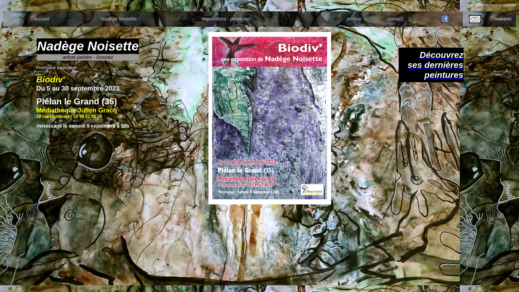  What do you see at coordinates (201, 18) in the screenshot?
I see `'expositions - peintures'` at bounding box center [201, 18].